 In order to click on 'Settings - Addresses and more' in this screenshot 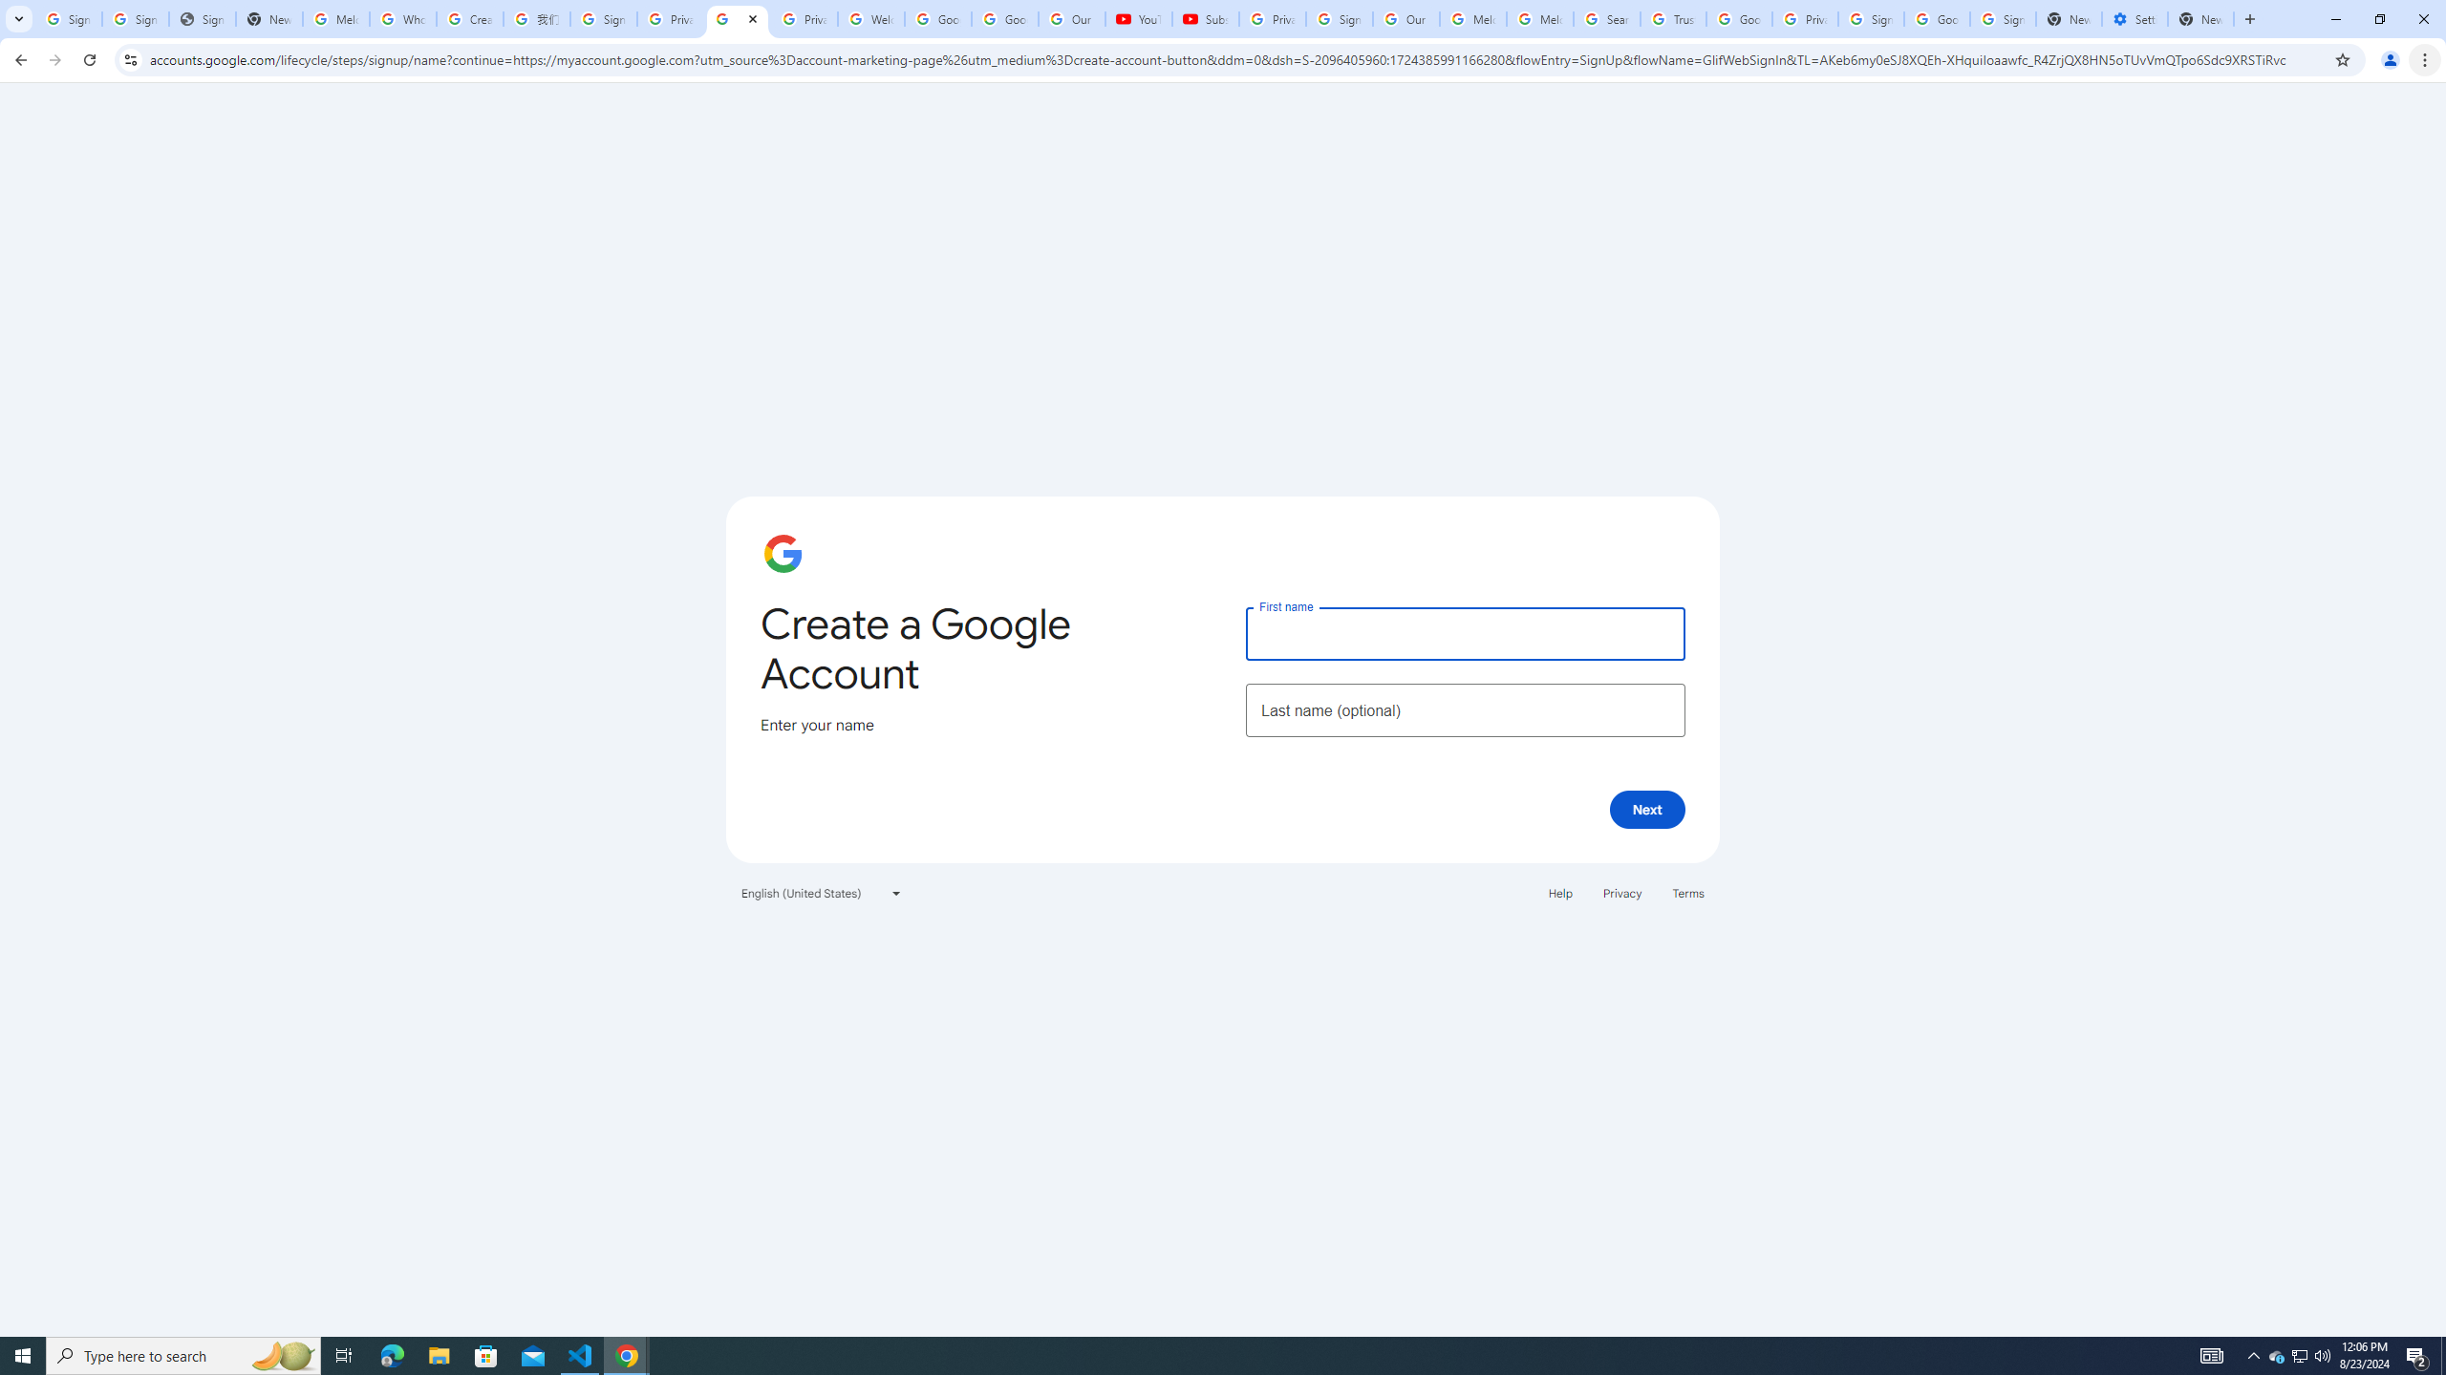, I will do `click(2134, 18)`.